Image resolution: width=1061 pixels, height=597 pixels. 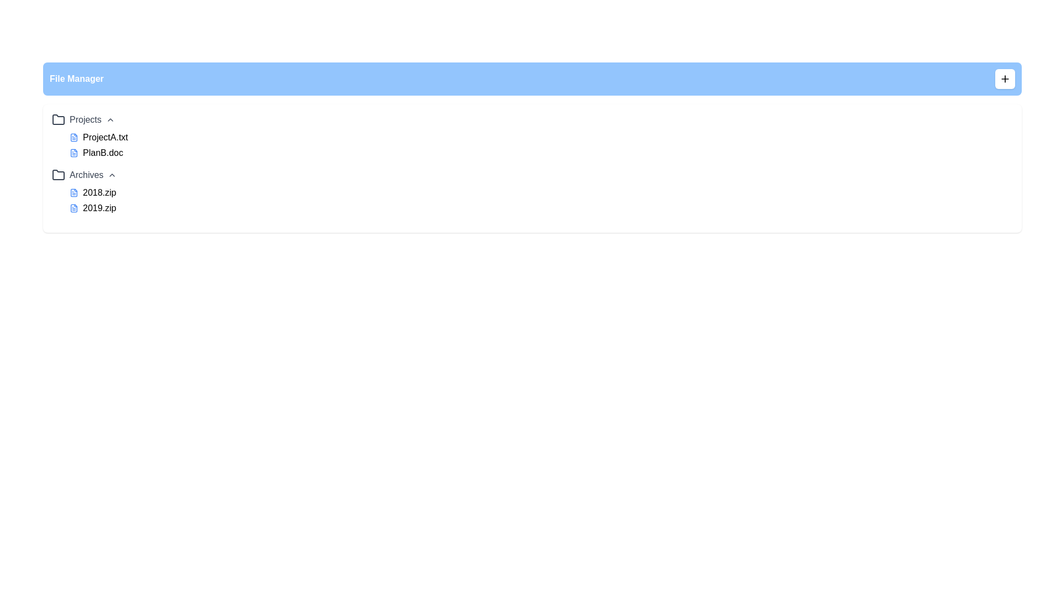 I want to click on the downward-facing chevron-shaped icon located to the right of the 'Archives' label, so click(x=112, y=174).